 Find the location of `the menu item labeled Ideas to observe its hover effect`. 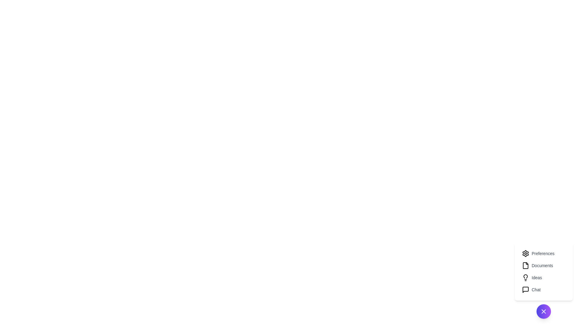

the menu item labeled Ideas to observe its hover effect is located at coordinates (544, 278).